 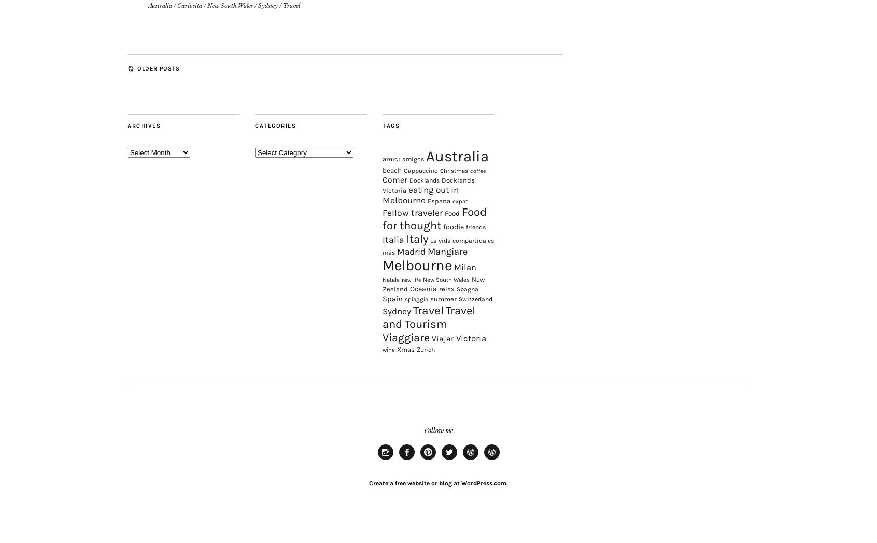 What do you see at coordinates (413, 185) in the screenshot?
I see `'amigos'` at bounding box center [413, 185].